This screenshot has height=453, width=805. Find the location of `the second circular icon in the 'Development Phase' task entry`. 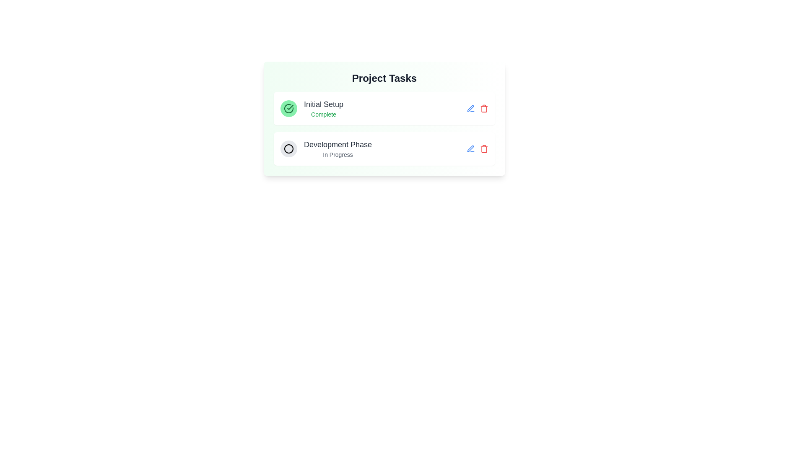

the second circular icon in the 'Development Phase' task entry is located at coordinates (289, 148).